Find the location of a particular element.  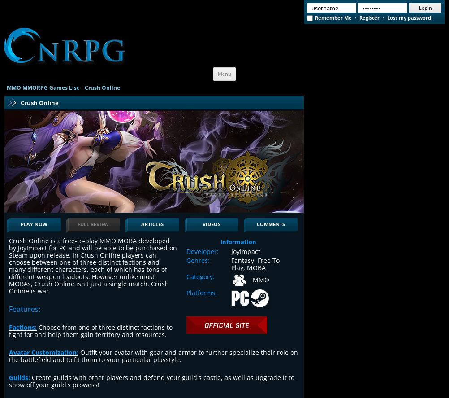

'Category:' is located at coordinates (200, 276).